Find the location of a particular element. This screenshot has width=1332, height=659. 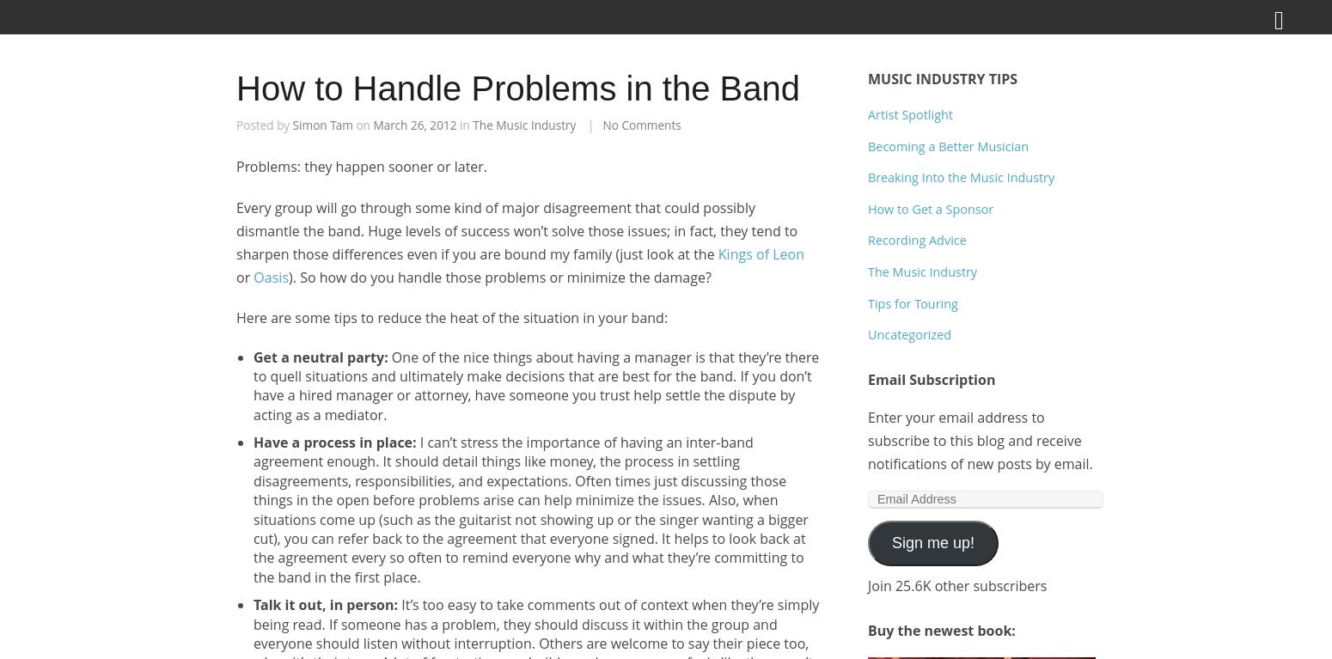

'How to Handle Problems in the Band' is located at coordinates (517, 88).